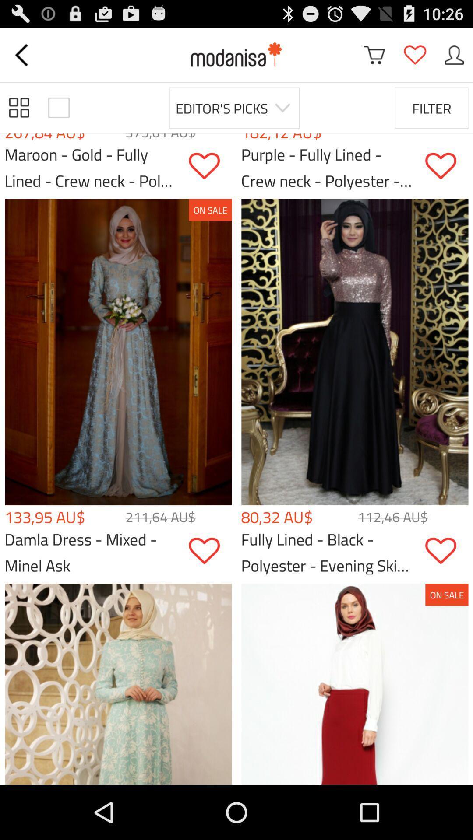 This screenshot has width=473, height=840. I want to click on my user profile, so click(454, 54).